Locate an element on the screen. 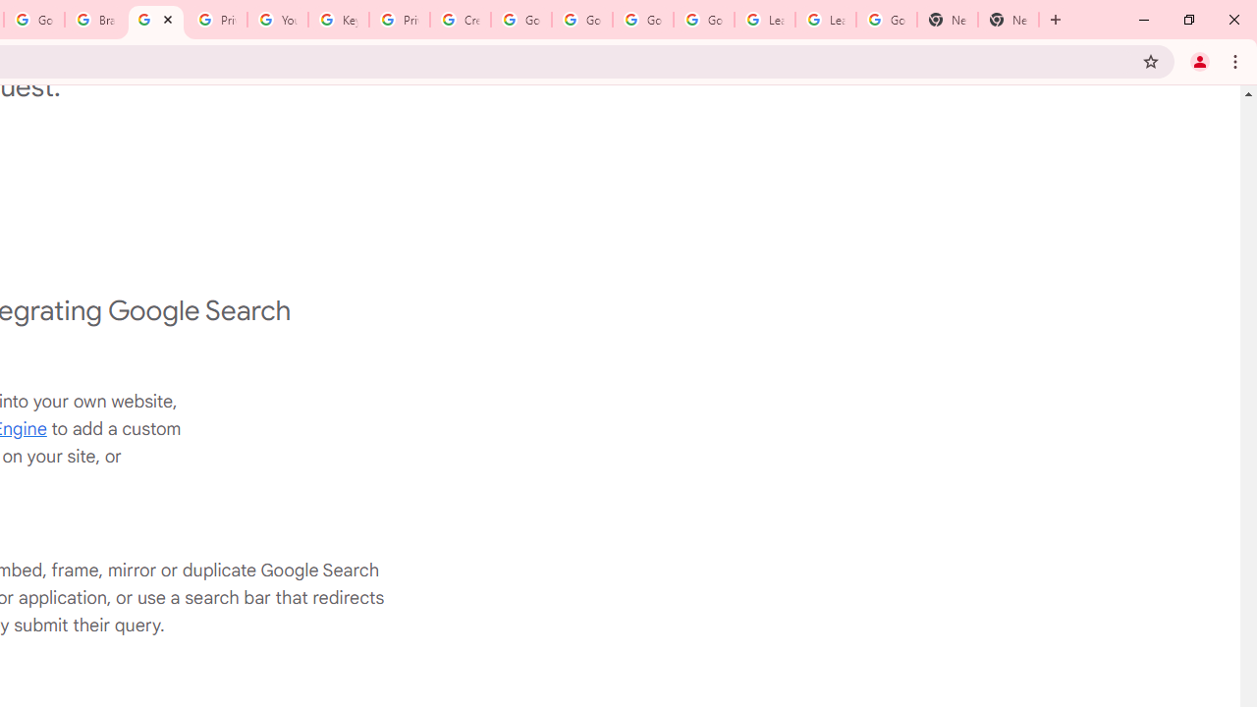  'Brand Resource Center' is located at coordinates (94, 20).